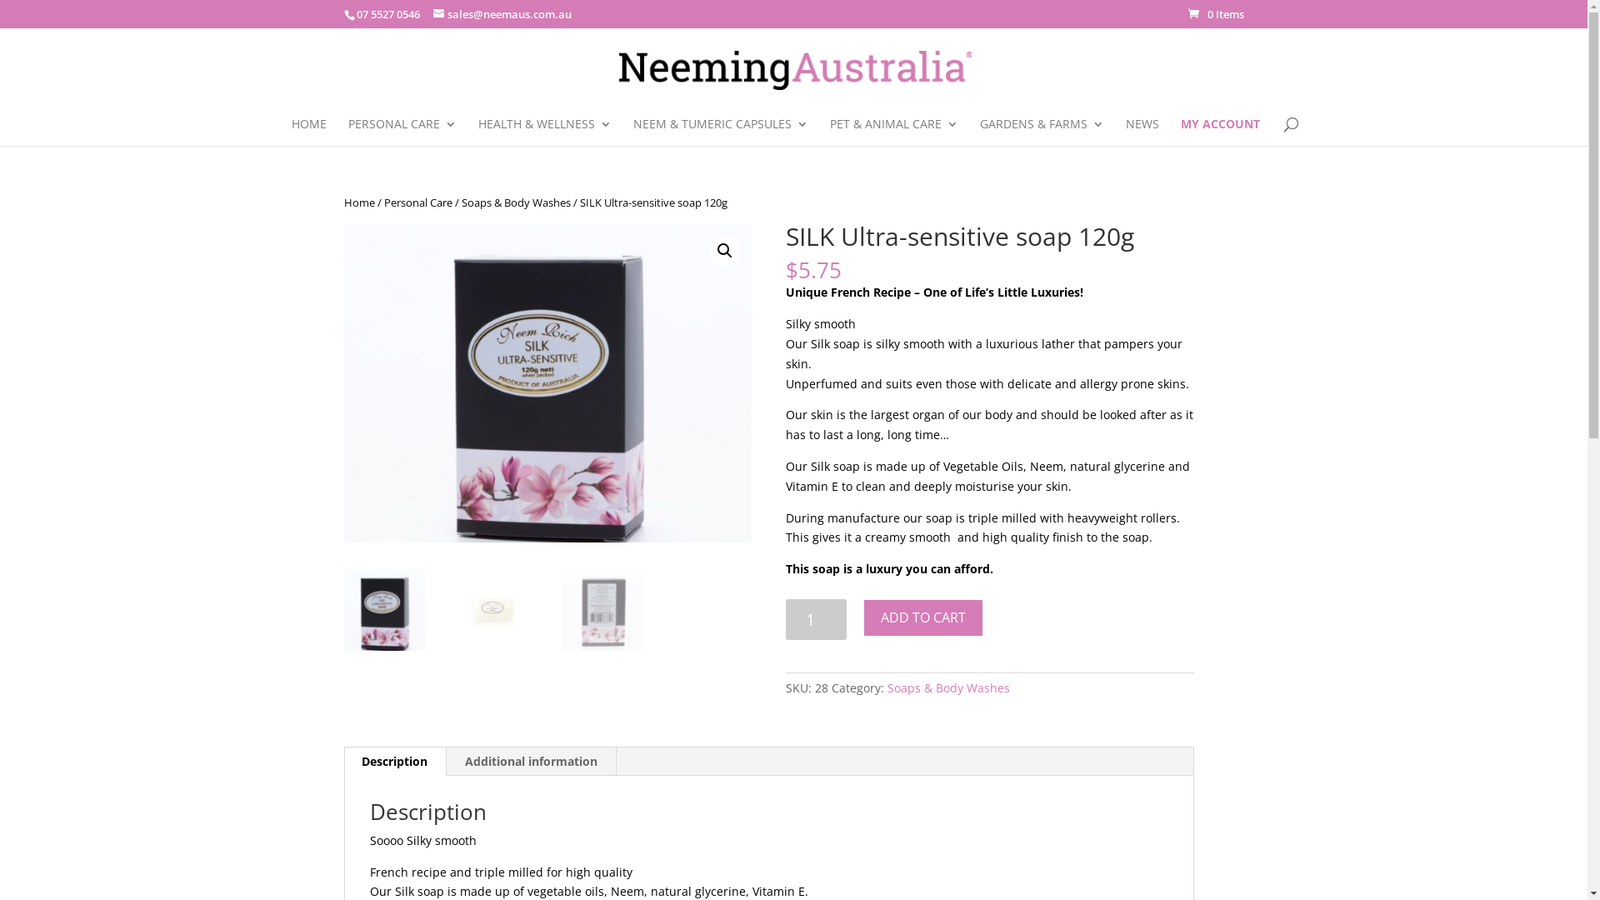 The height and width of the screenshot is (900, 1600). What do you see at coordinates (1216, 13) in the screenshot?
I see `'0 Items'` at bounding box center [1216, 13].